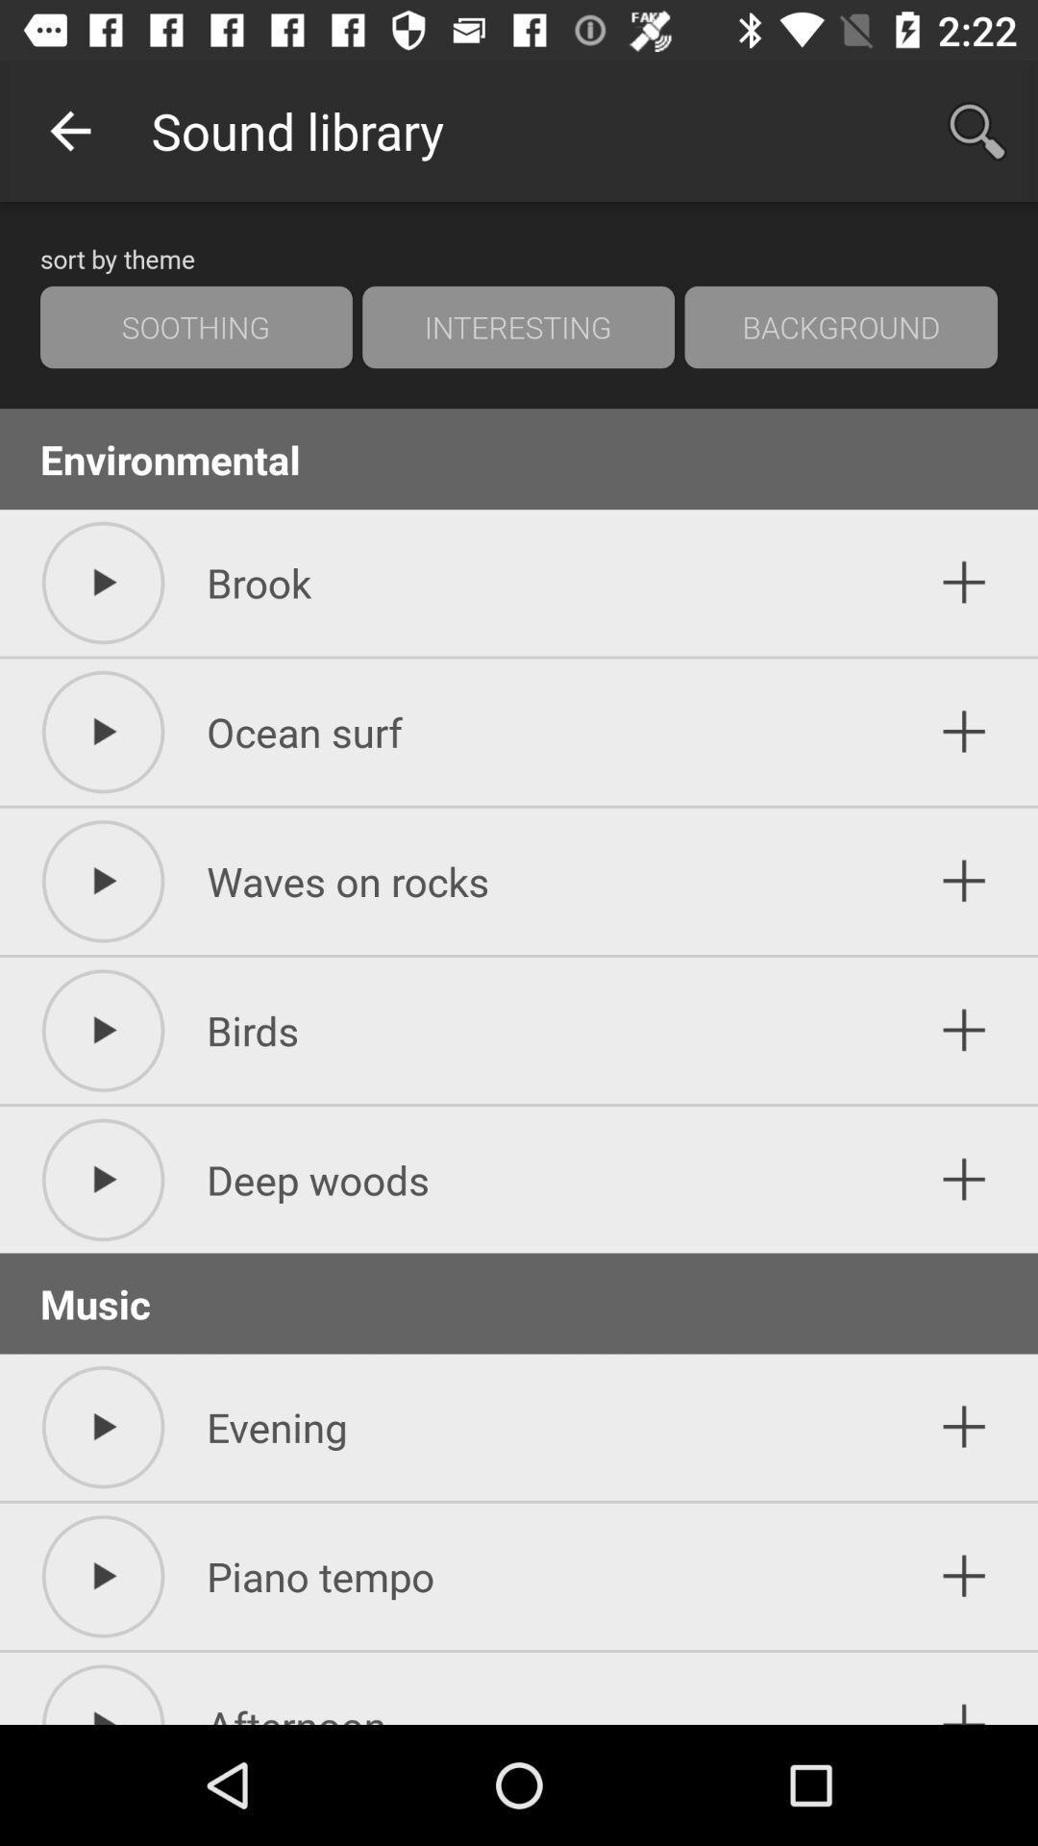  What do you see at coordinates (964, 880) in the screenshot?
I see `waves on rocks to your sound library` at bounding box center [964, 880].